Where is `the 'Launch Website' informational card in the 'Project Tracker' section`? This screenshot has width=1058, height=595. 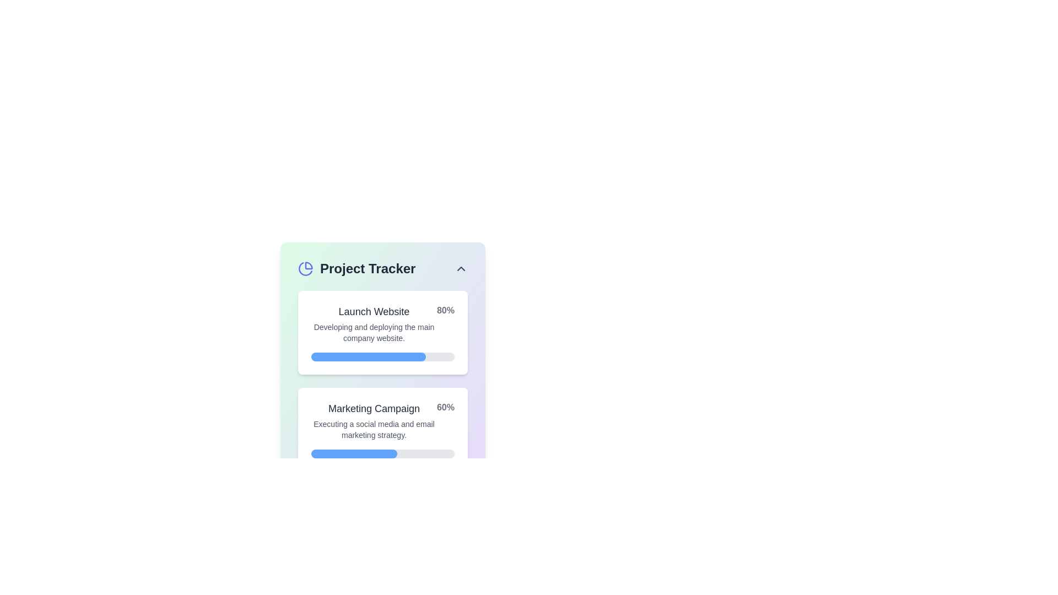 the 'Launch Website' informational card in the 'Project Tracker' section is located at coordinates (383, 343).